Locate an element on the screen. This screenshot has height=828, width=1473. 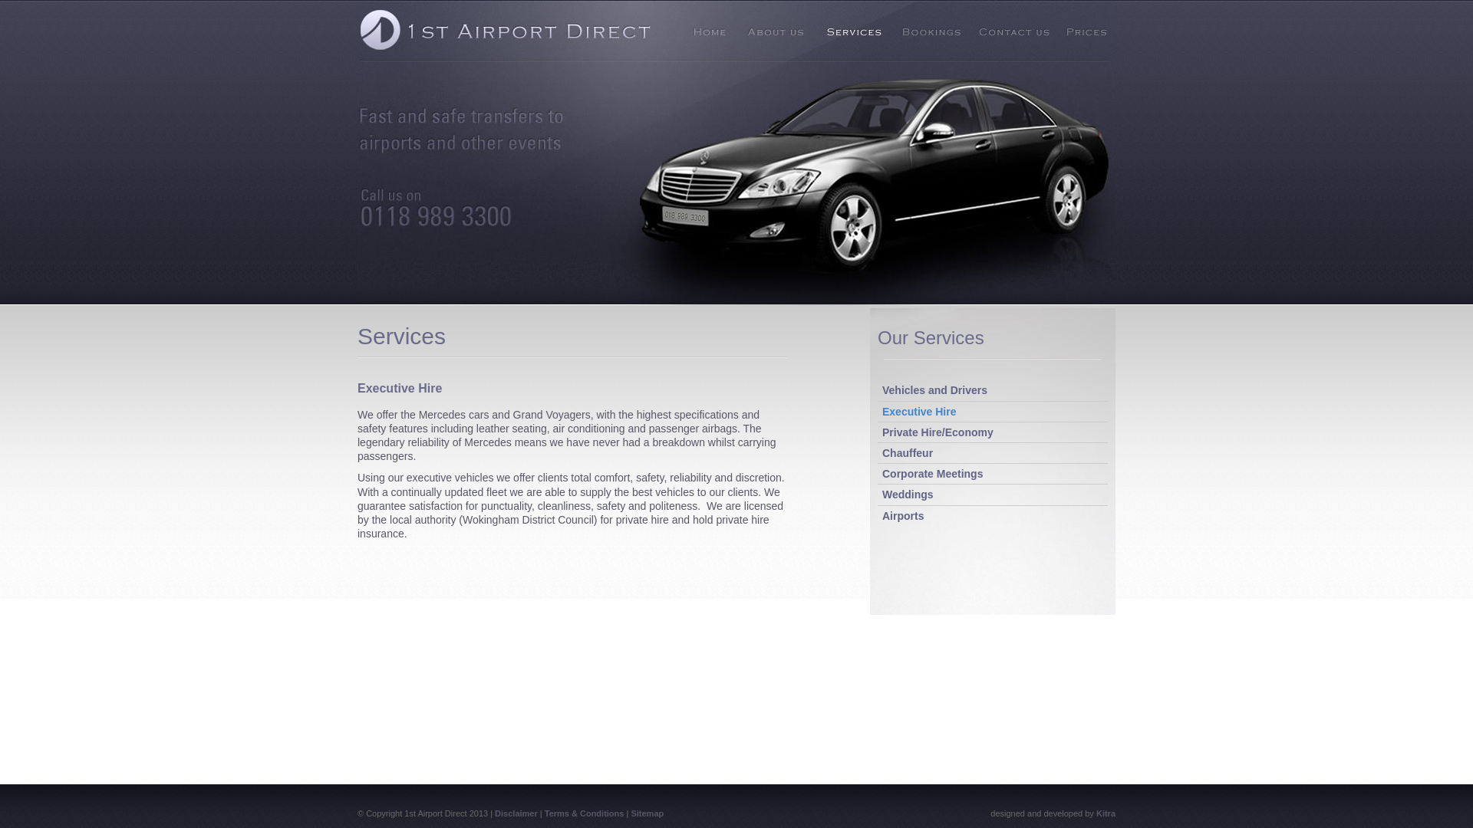
'Disclaimer' is located at coordinates (516, 812).